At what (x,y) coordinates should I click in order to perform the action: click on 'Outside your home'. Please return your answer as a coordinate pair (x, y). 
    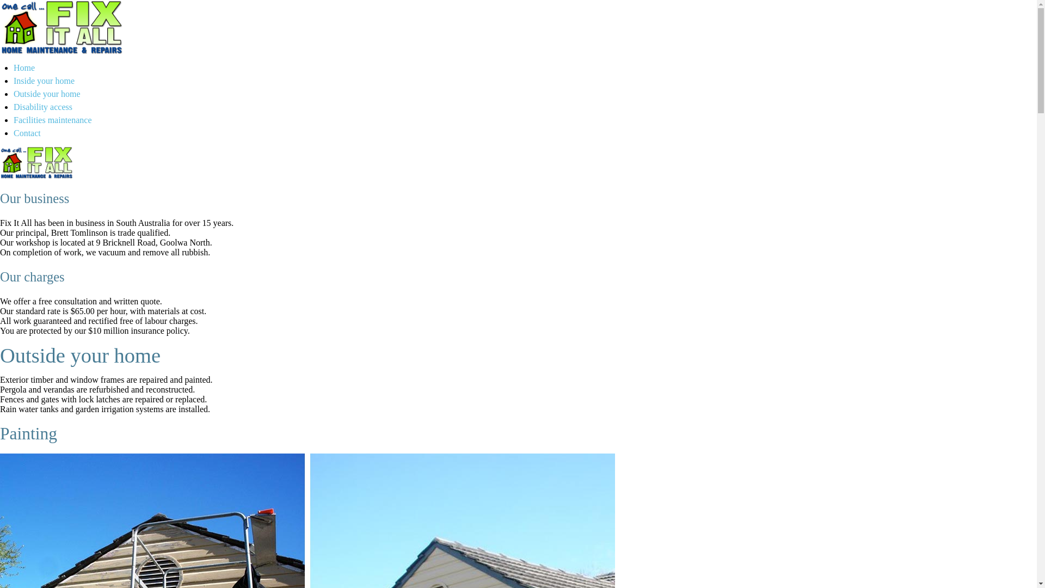
    Looking at the image, I should click on (46, 93).